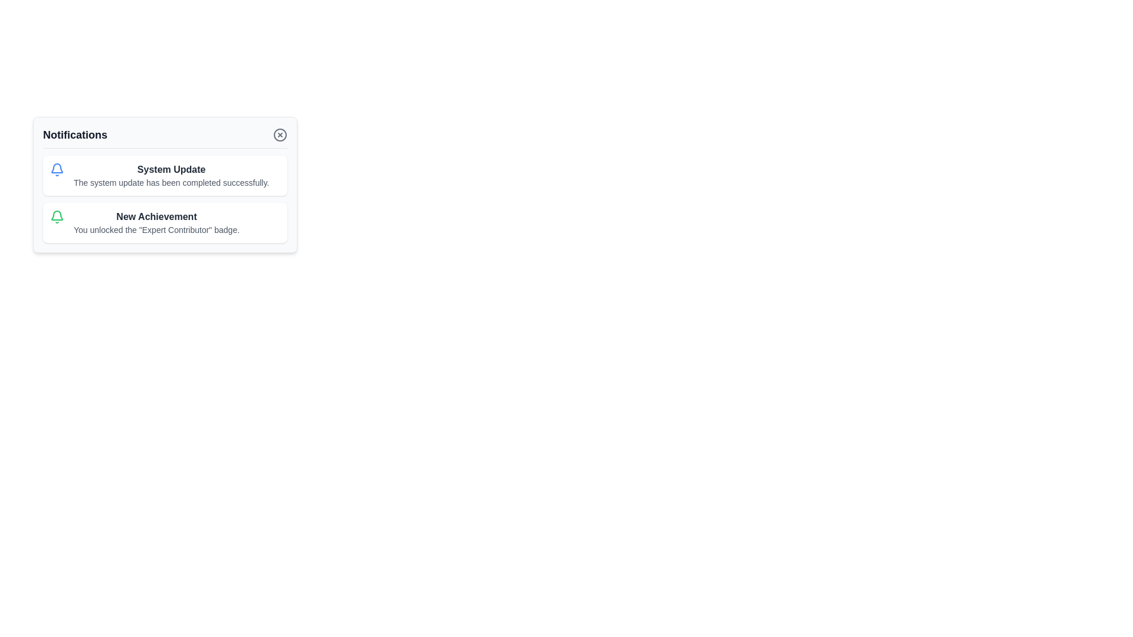  Describe the element at coordinates (156, 229) in the screenshot. I see `the text element displaying 'You unlocked the "Expert Contributor" badge.' which is located below the heading 'New Achievement' in the second notification card` at that location.